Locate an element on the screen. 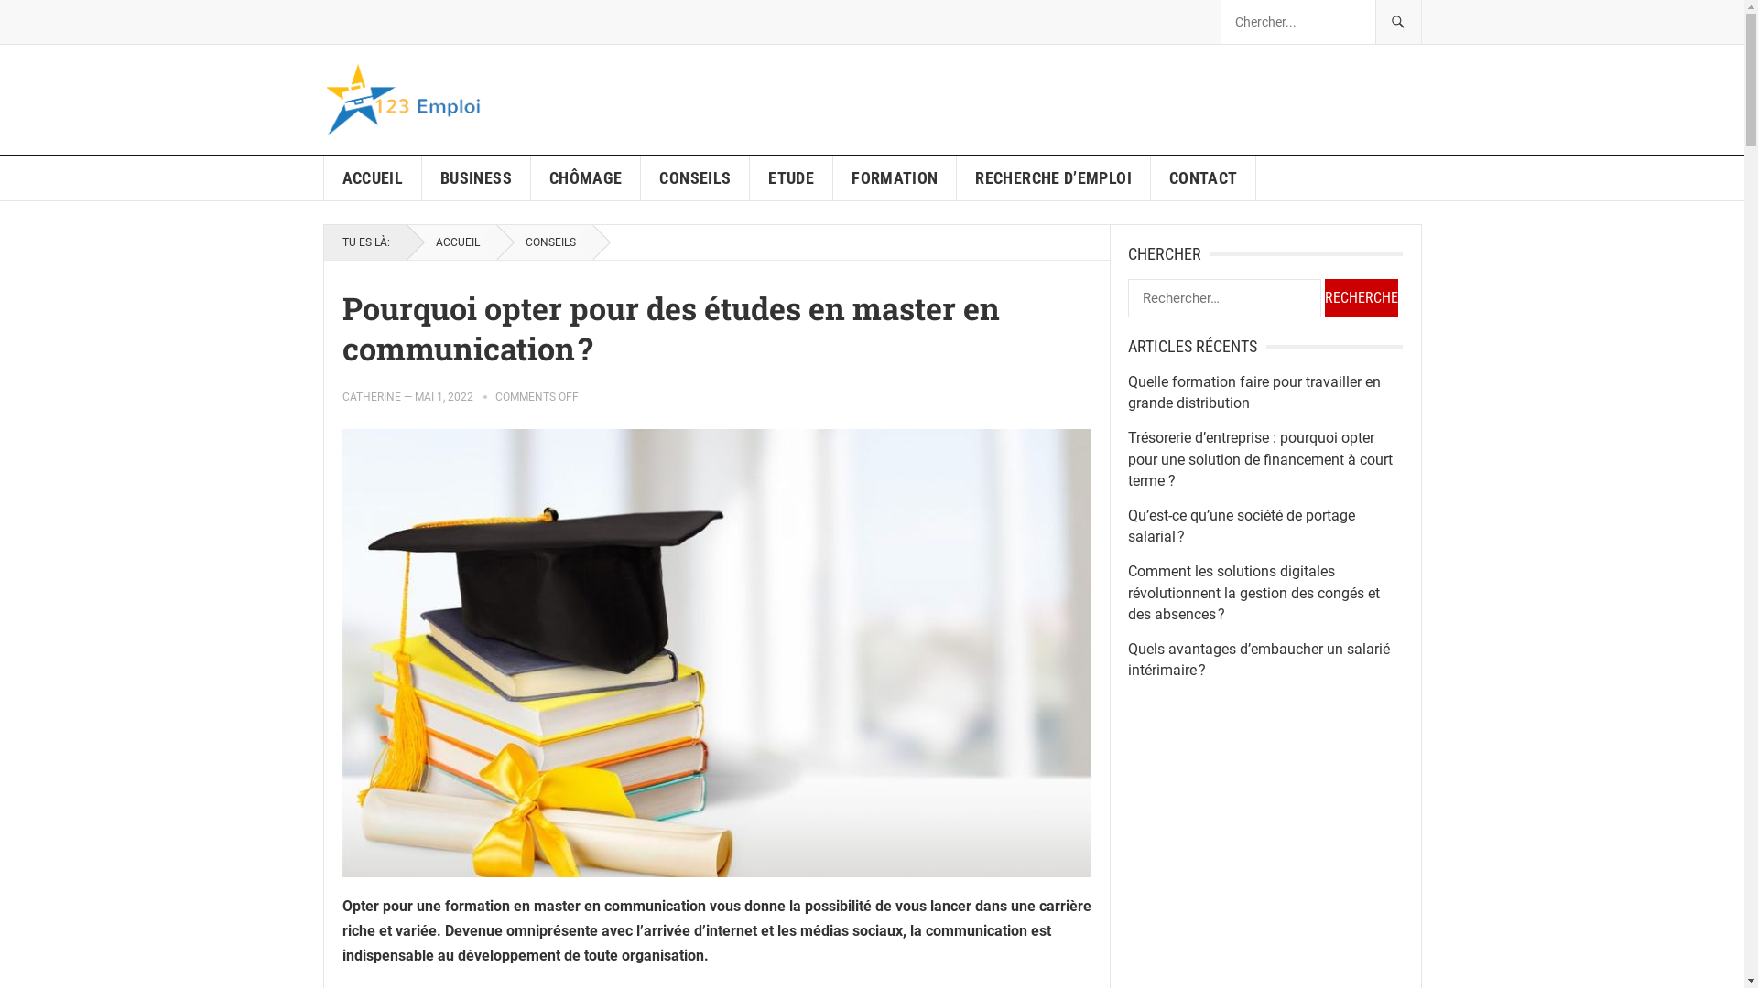  'CATHERINE' is located at coordinates (342, 396).